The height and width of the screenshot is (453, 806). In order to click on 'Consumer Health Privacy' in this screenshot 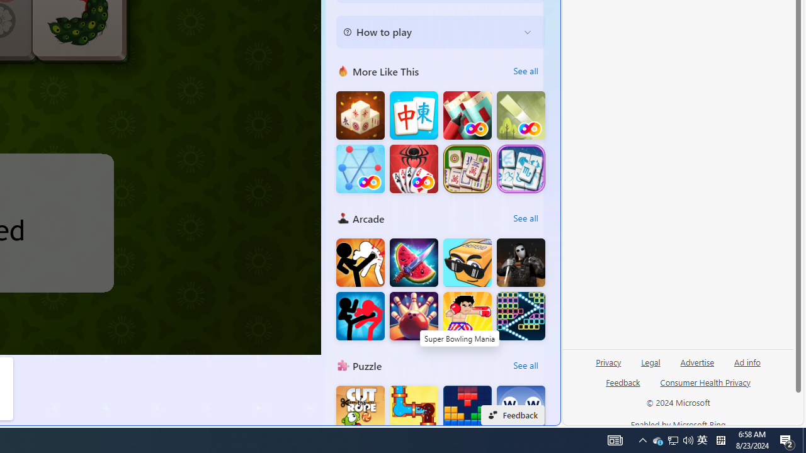, I will do `click(705, 381)`.